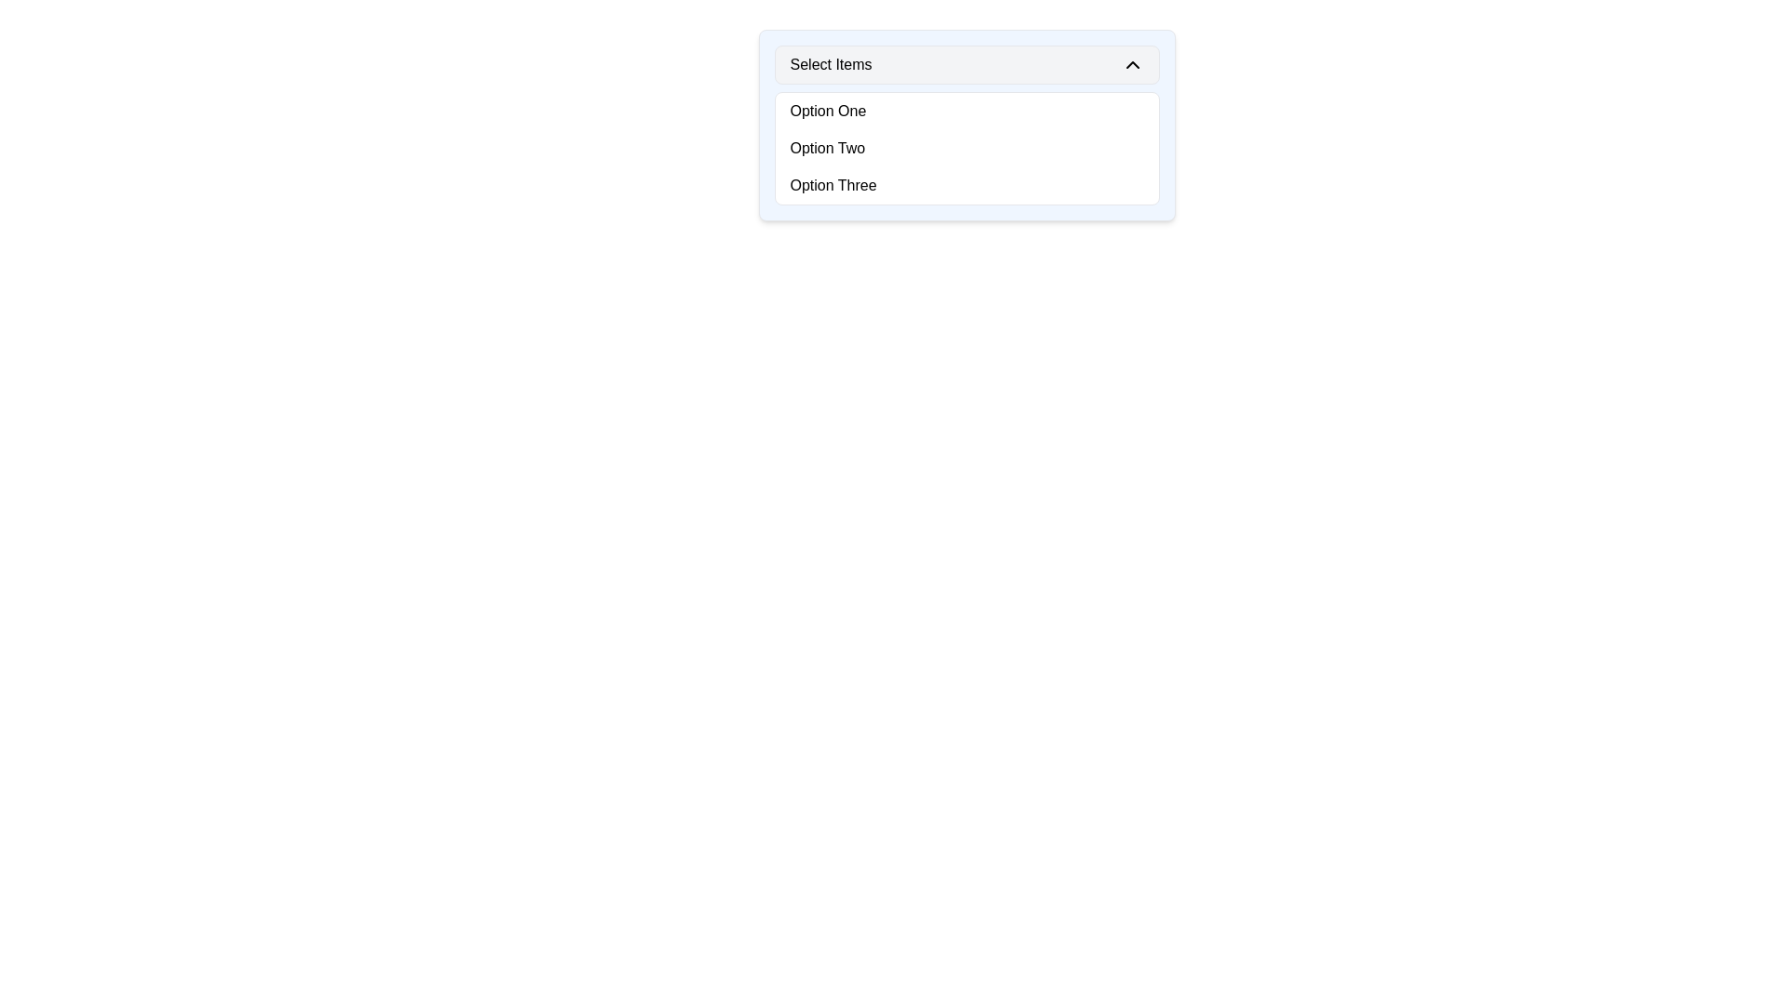  What do you see at coordinates (966, 111) in the screenshot?
I see `the first list item labeled 'Option One' in the dropdown menu` at bounding box center [966, 111].